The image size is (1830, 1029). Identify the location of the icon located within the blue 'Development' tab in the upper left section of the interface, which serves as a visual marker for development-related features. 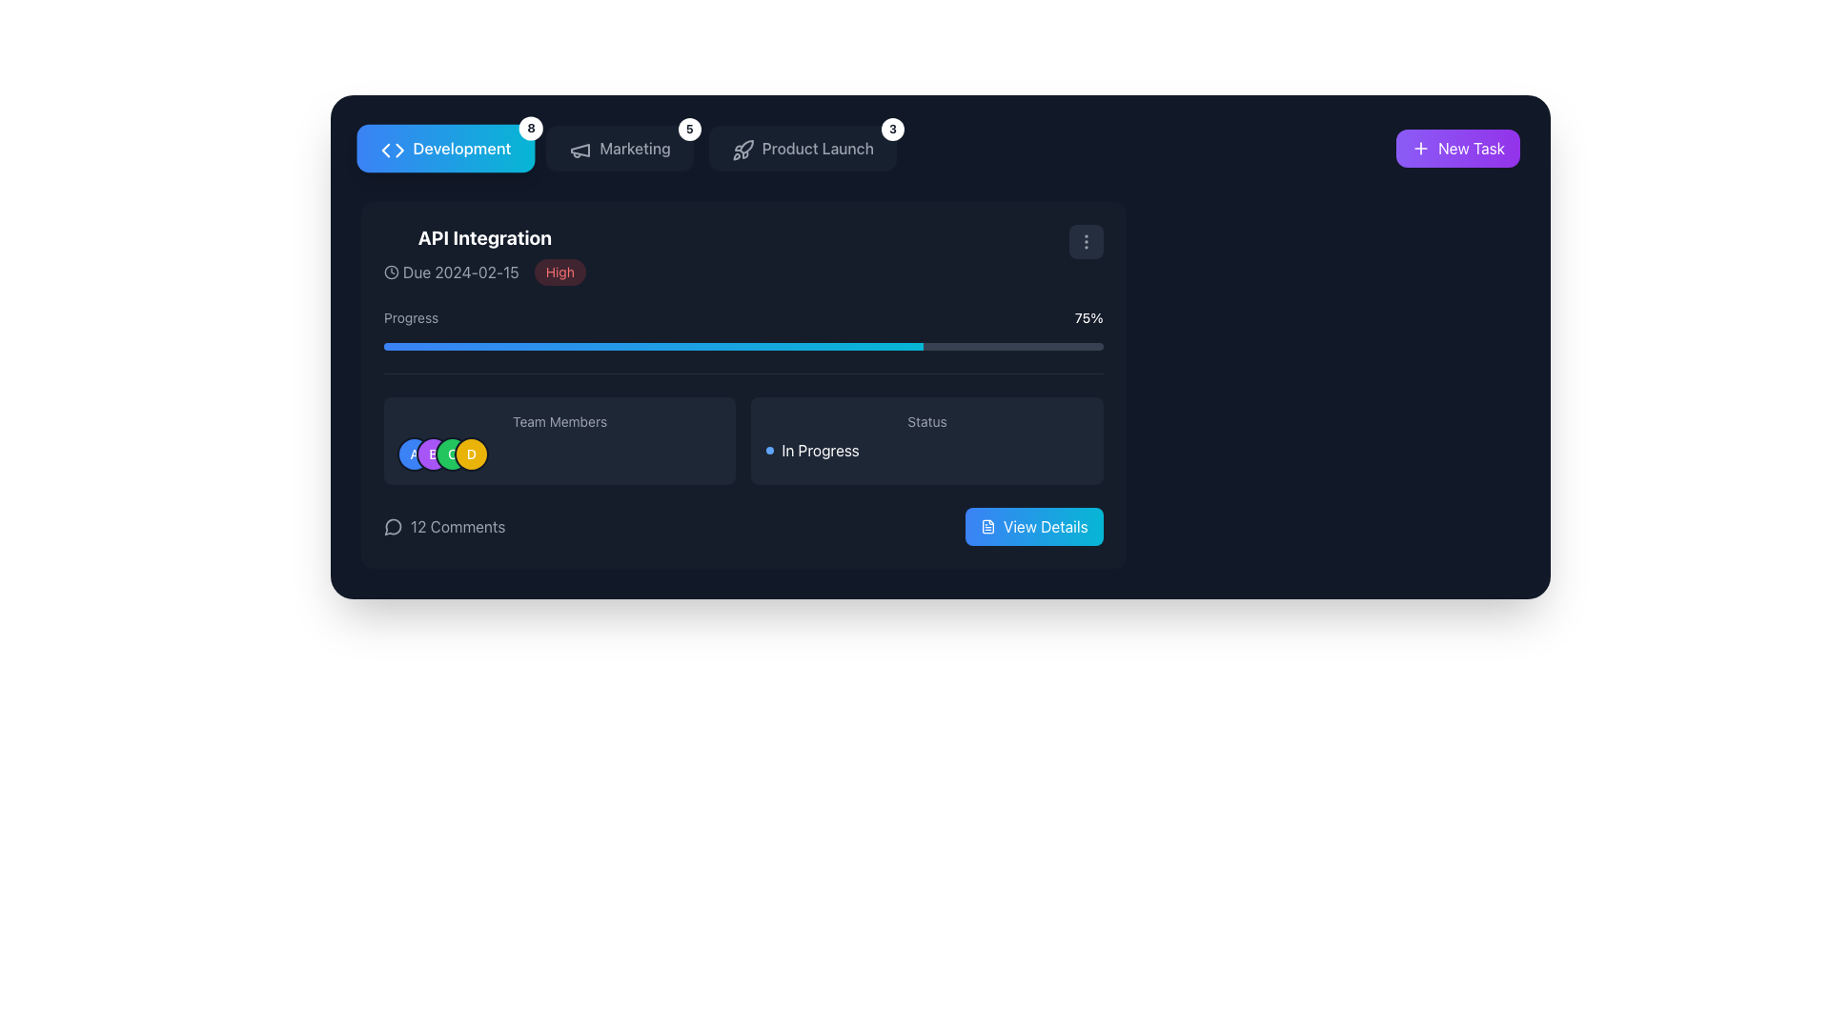
(392, 150).